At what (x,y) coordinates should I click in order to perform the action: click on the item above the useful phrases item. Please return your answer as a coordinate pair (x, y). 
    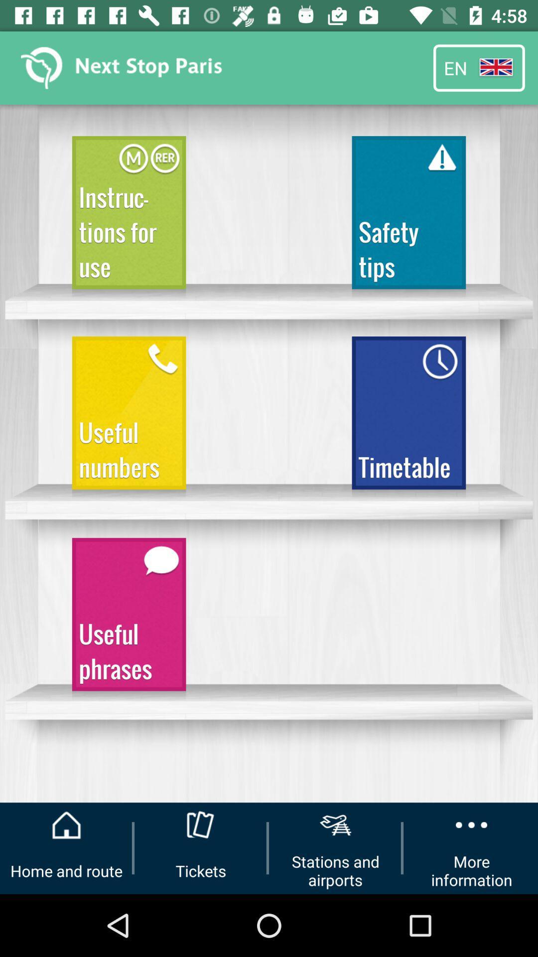
    Looking at the image, I should click on (129, 417).